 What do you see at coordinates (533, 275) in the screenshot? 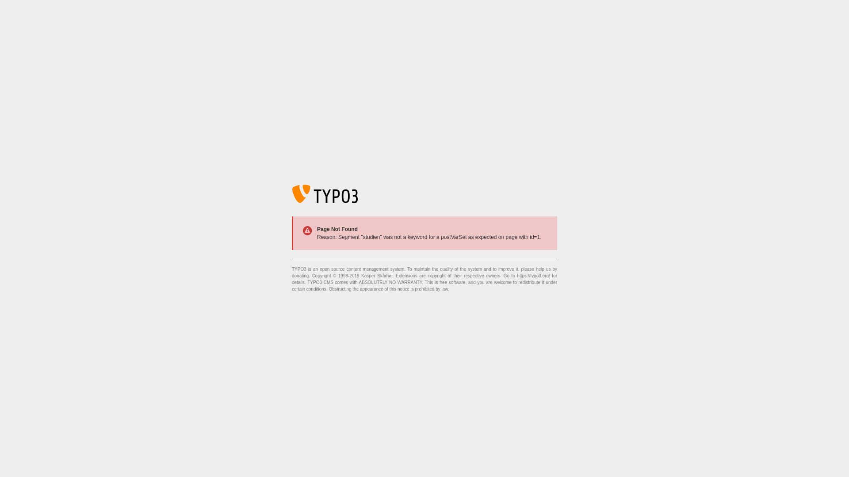
I see `'https://typo3.org/'` at bounding box center [533, 275].